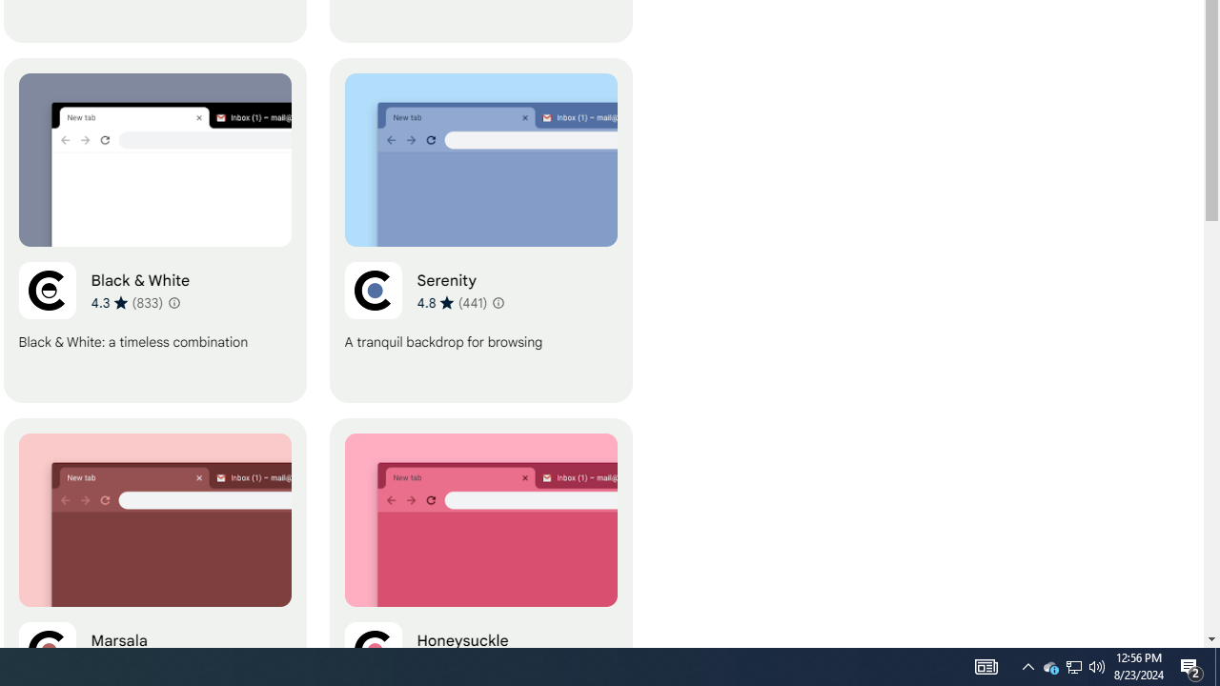  What do you see at coordinates (174, 301) in the screenshot?
I see `'Learn more about results and reviews "Black & White"'` at bounding box center [174, 301].